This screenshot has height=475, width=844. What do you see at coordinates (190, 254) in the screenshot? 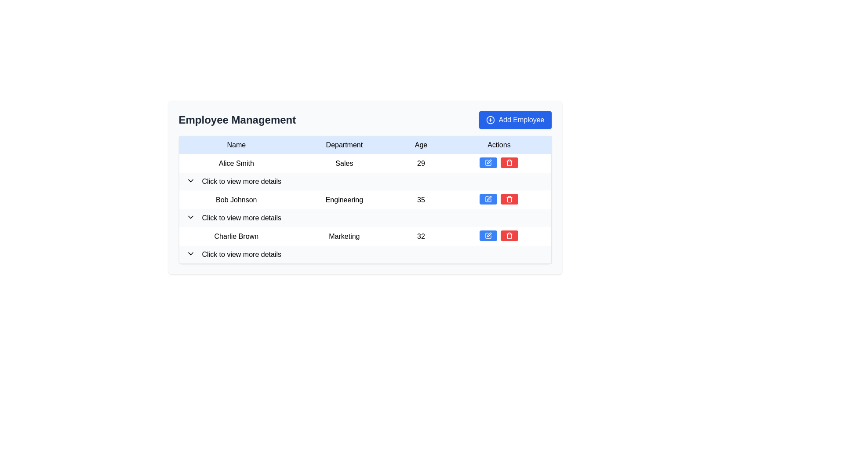
I see `the downward-facing chevron icon on the left side of the row labeled 'Click` at bounding box center [190, 254].